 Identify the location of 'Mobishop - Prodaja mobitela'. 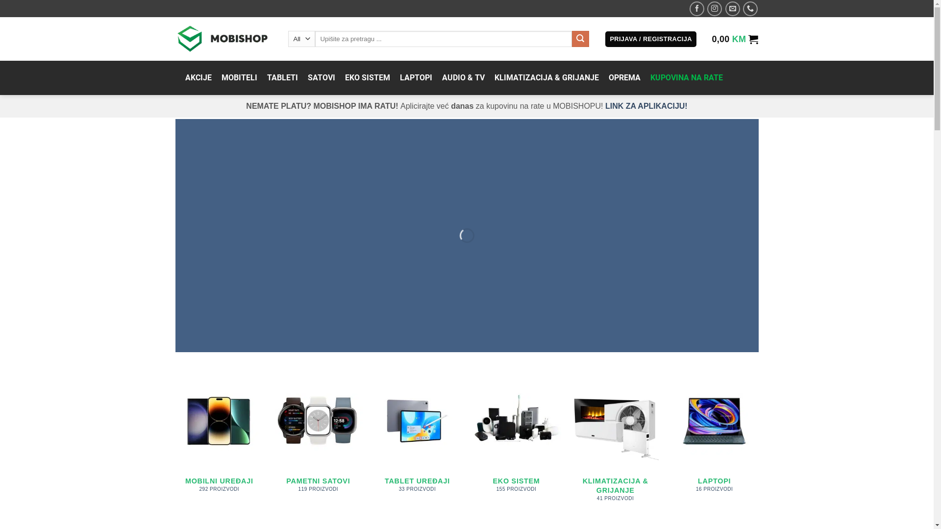
(223, 39).